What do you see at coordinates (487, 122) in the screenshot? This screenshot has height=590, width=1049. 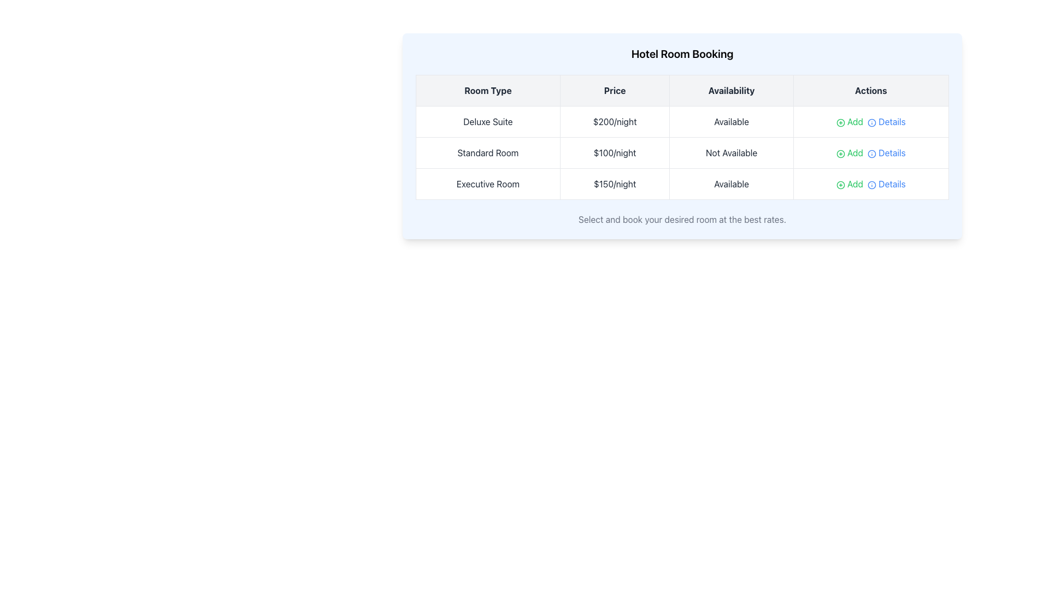 I see `the table cell displaying 'Deluxe Suite'` at bounding box center [487, 122].